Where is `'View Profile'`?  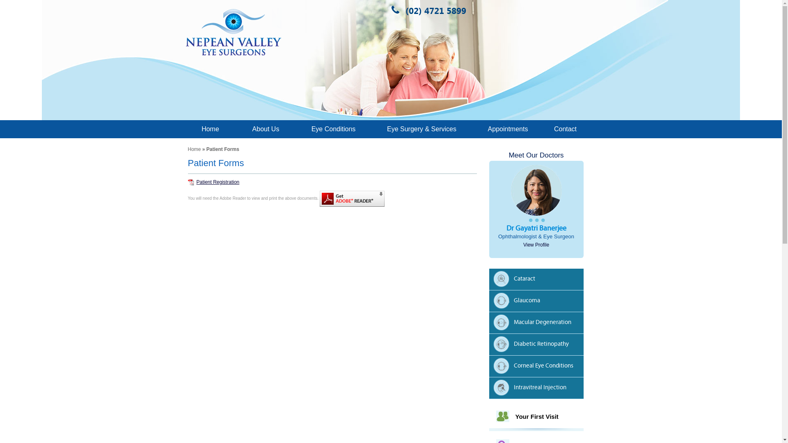 'View Profile' is located at coordinates (536, 244).